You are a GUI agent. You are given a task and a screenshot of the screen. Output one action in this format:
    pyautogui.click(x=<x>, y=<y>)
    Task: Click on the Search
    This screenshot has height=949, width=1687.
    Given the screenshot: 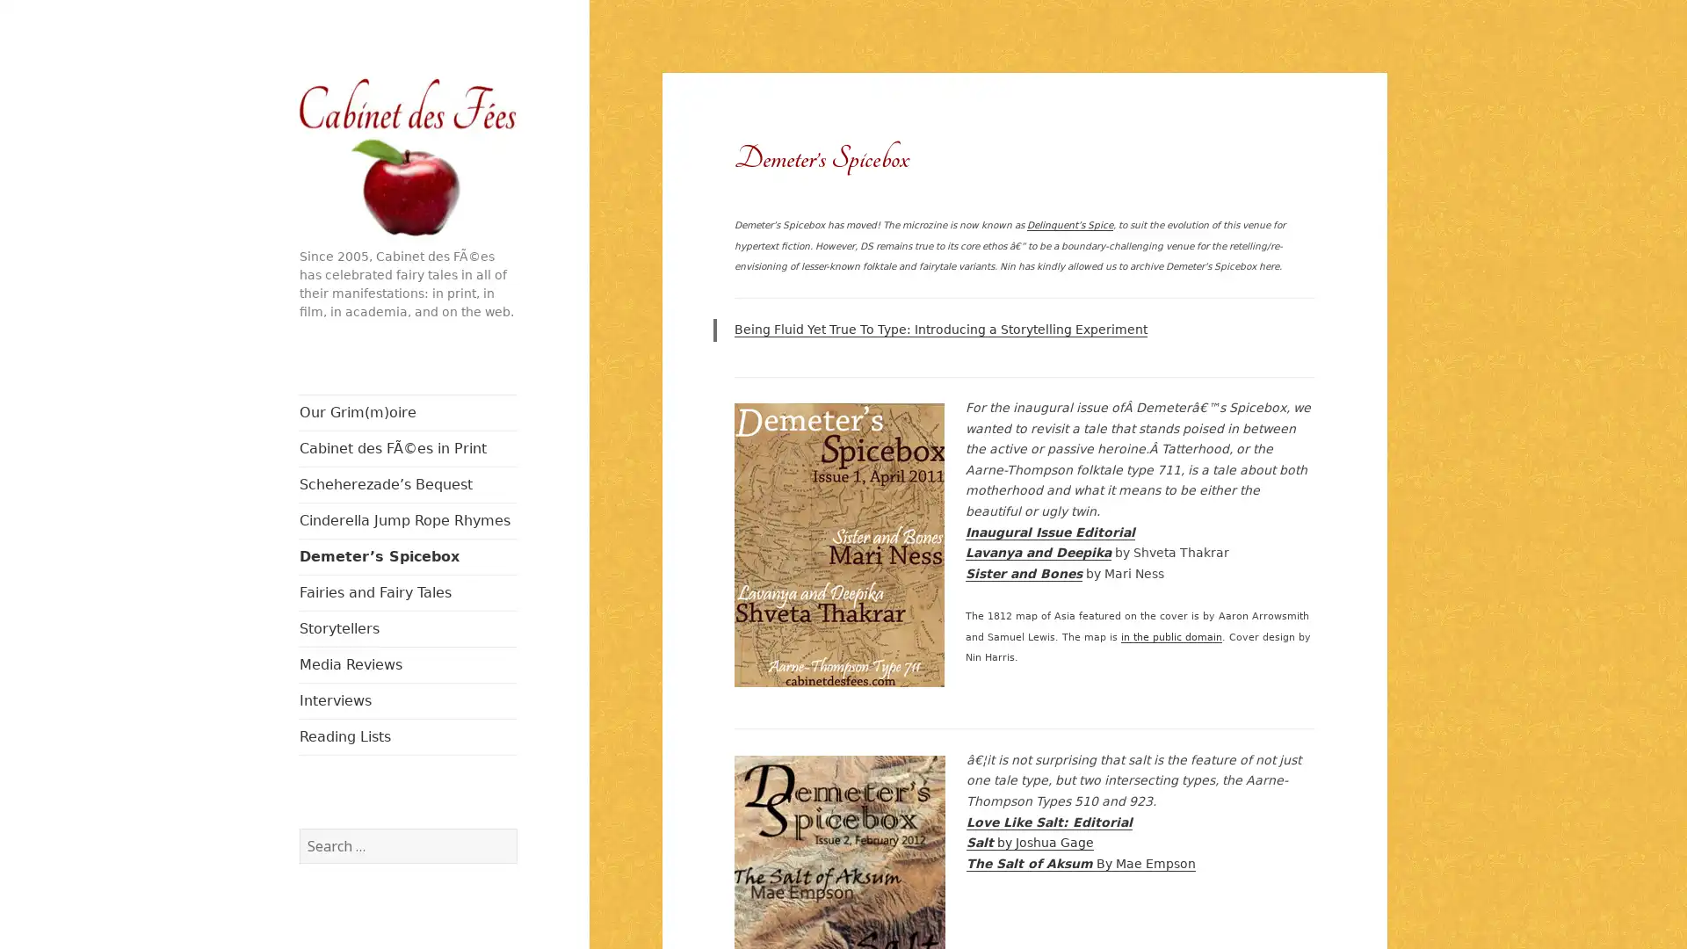 What is the action you would take?
    pyautogui.click(x=515, y=827)
    